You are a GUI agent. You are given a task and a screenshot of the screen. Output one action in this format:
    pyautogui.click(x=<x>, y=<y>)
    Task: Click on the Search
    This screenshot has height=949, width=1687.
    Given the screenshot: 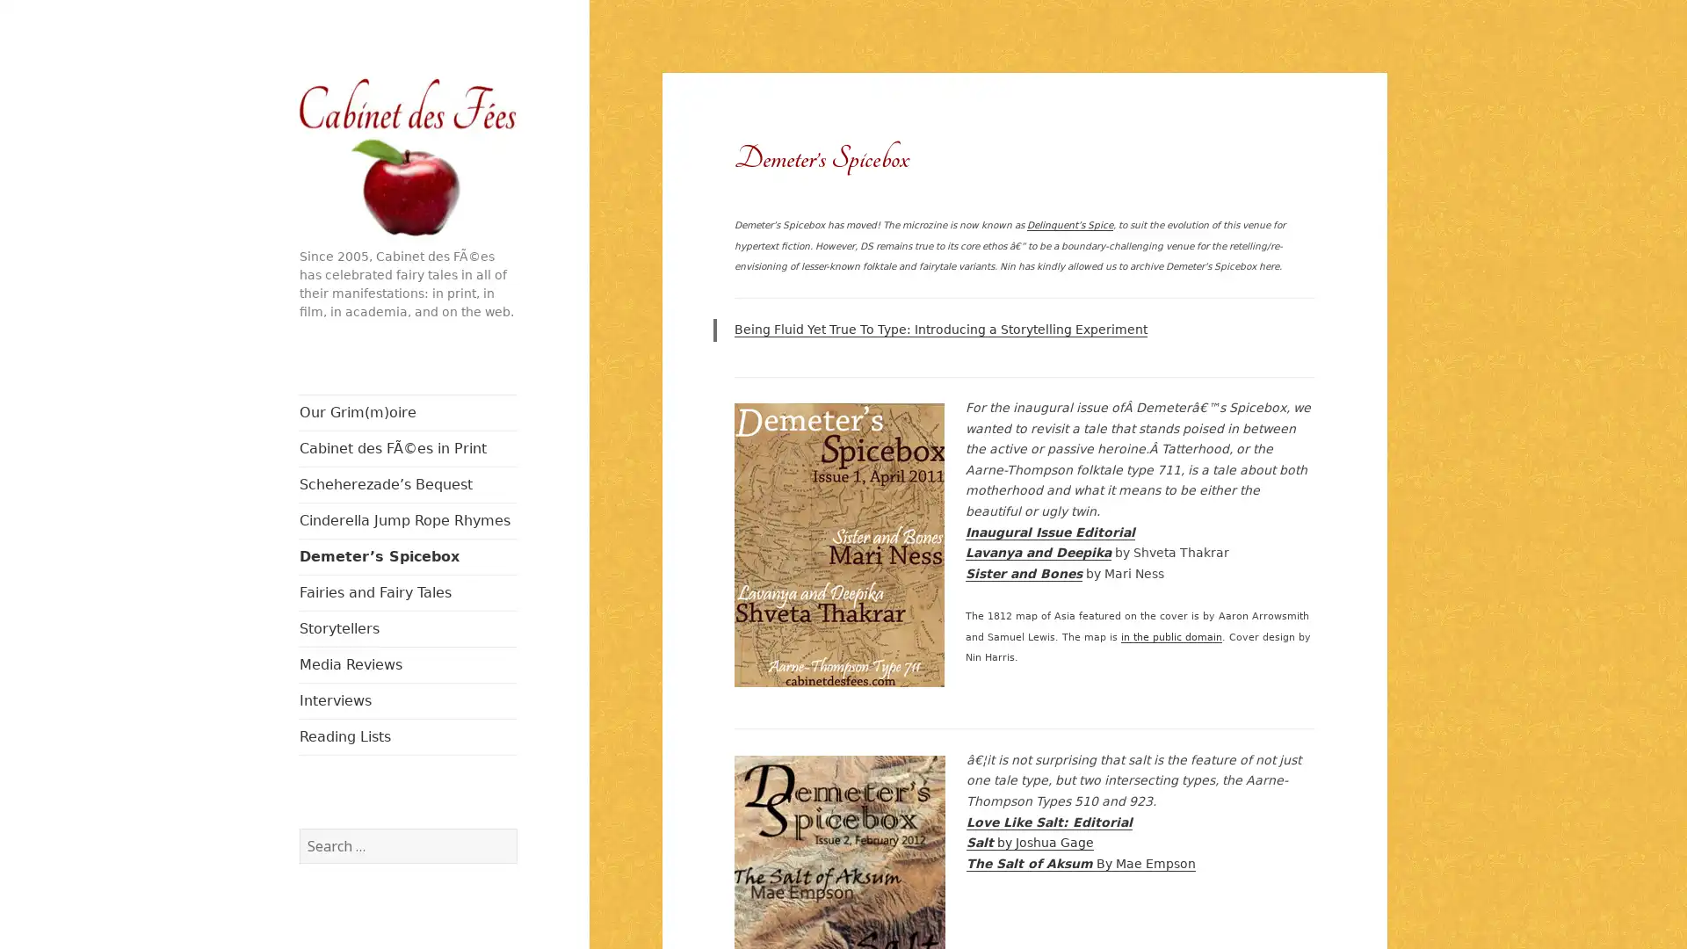 What is the action you would take?
    pyautogui.click(x=515, y=827)
    